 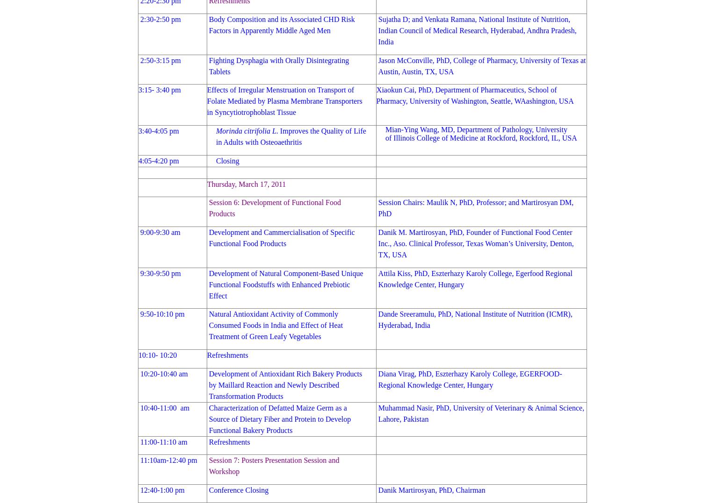 What do you see at coordinates (237, 18) in the screenshot?
I see `'Body Composition'` at bounding box center [237, 18].